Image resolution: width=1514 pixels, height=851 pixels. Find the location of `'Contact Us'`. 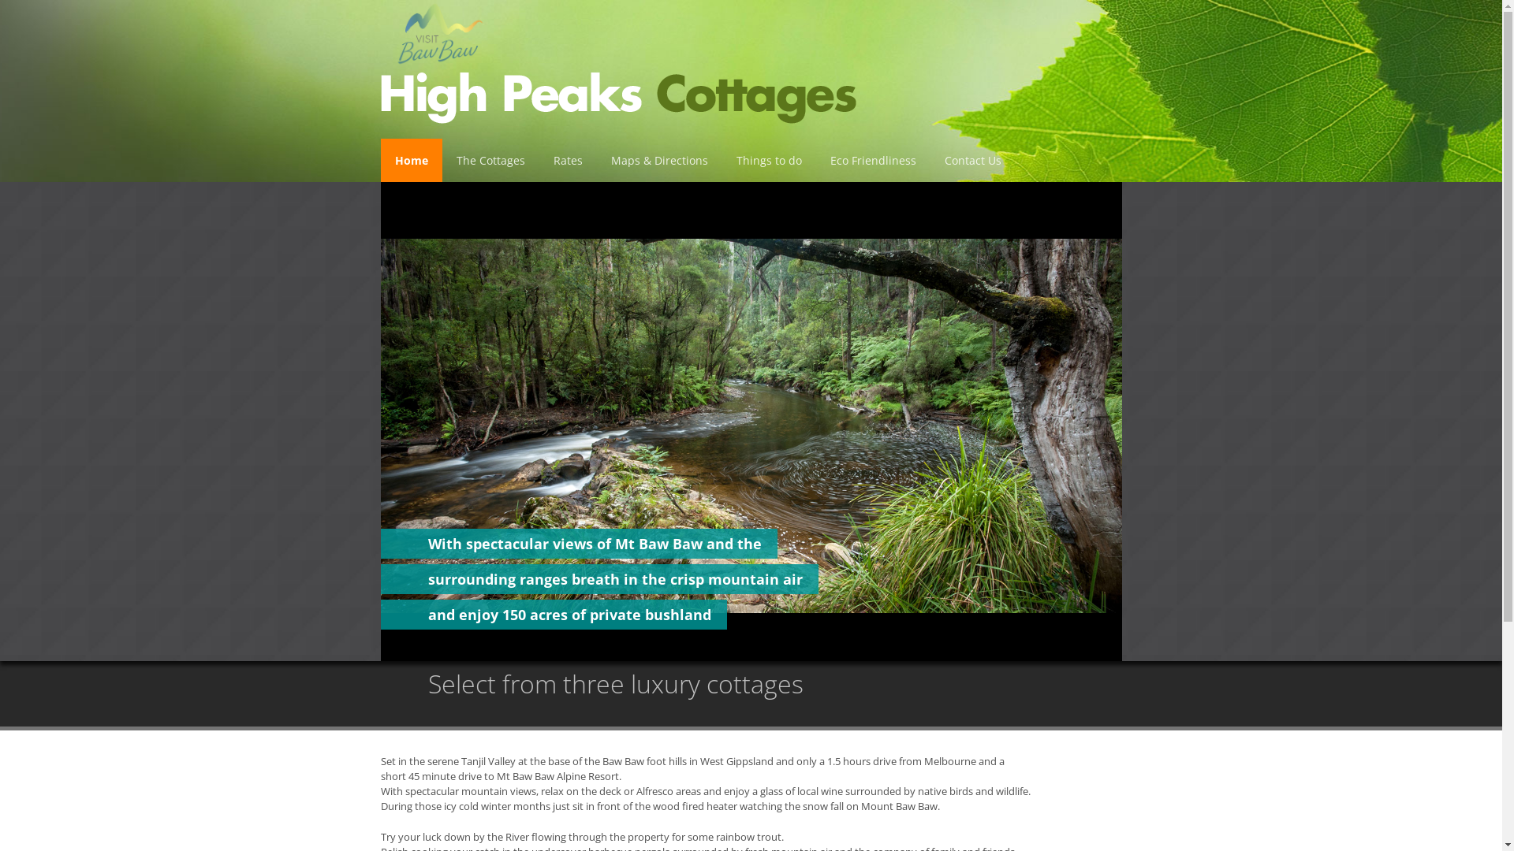

'Contact Us' is located at coordinates (971, 160).